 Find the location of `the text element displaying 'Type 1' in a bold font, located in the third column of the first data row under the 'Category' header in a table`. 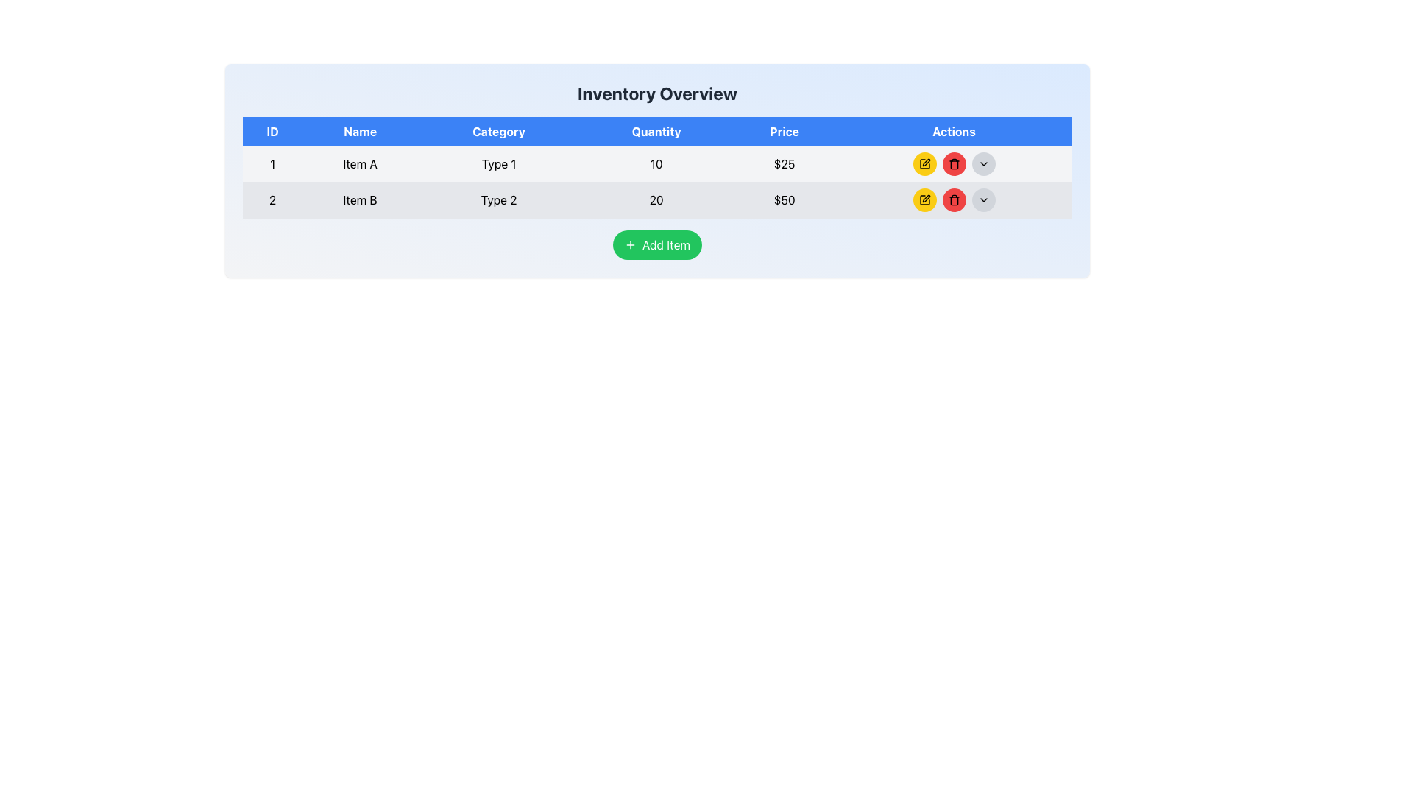

the text element displaying 'Type 1' in a bold font, located in the third column of the first data row under the 'Category' header in a table is located at coordinates (499, 164).